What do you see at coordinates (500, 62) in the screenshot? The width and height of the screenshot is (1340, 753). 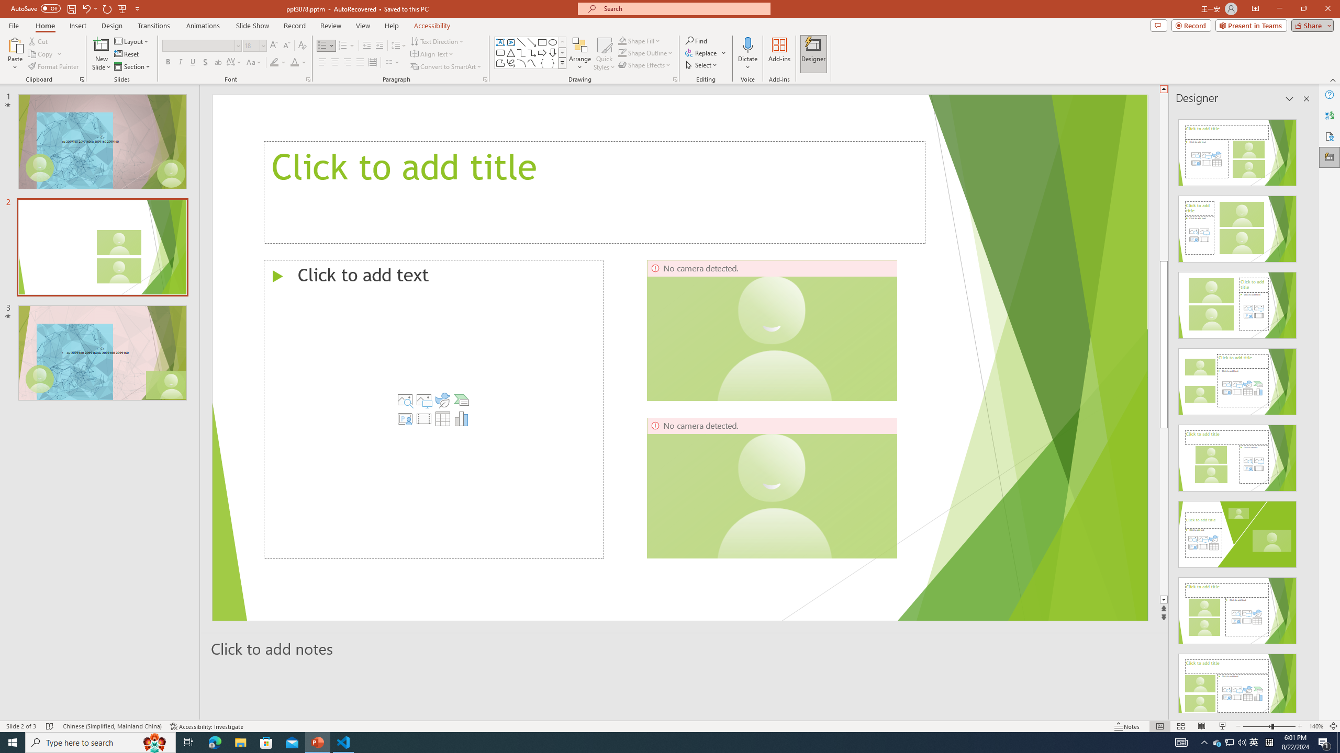 I see `'Freeform: Shape'` at bounding box center [500, 62].